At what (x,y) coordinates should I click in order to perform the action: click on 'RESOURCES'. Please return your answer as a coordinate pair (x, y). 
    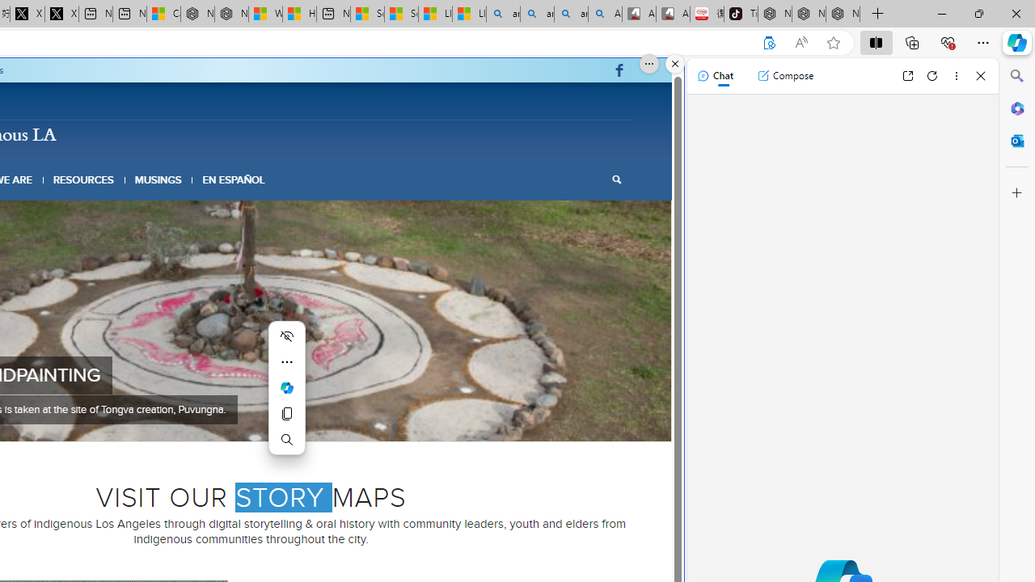
    Looking at the image, I should click on (82, 179).